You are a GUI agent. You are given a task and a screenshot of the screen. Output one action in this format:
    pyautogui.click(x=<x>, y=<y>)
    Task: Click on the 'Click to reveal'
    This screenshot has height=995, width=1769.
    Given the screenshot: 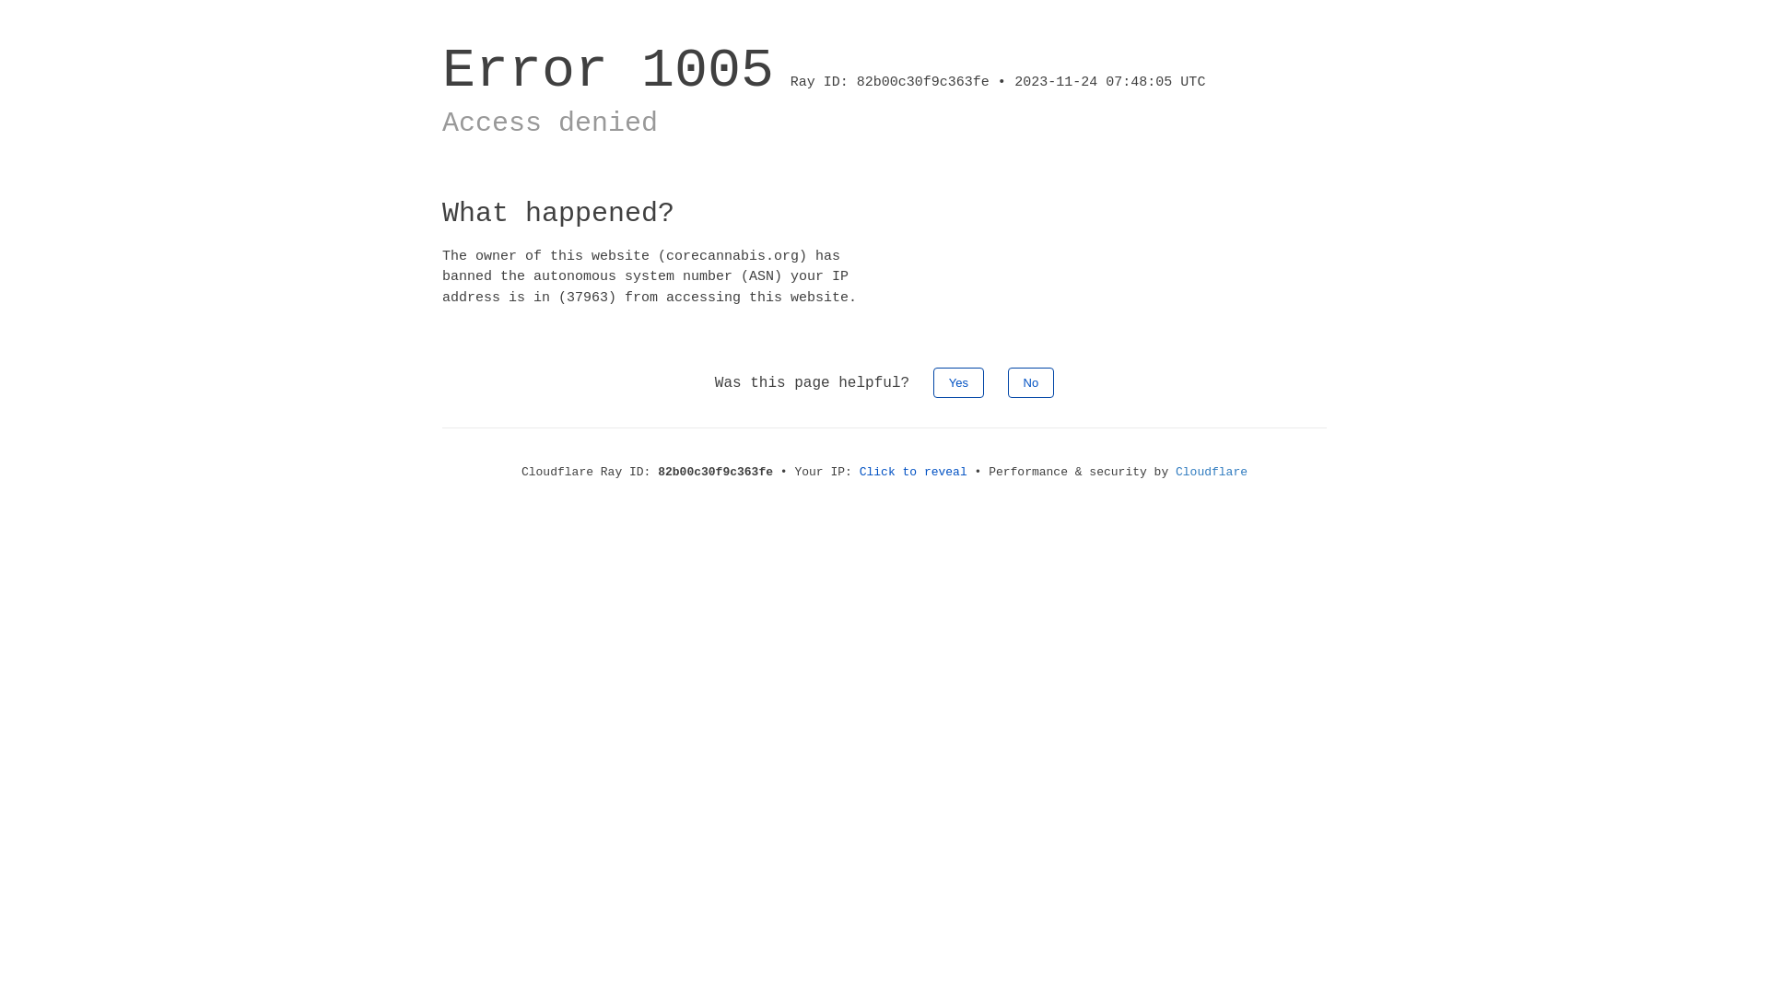 What is the action you would take?
    pyautogui.click(x=913, y=471)
    